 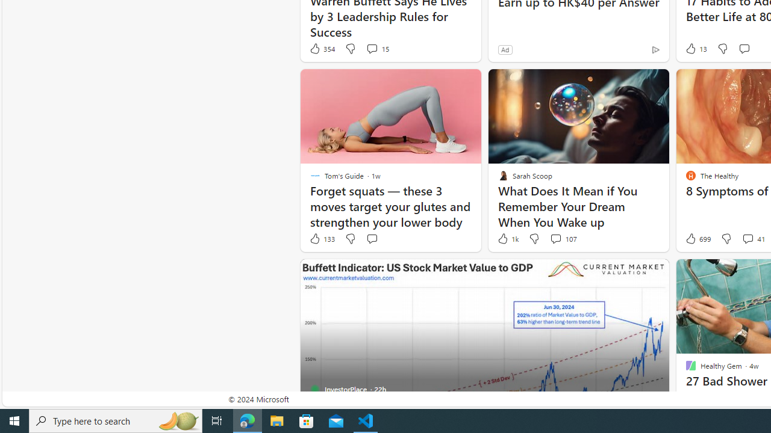 I want to click on 'Hide this story', so click(x=632, y=274).